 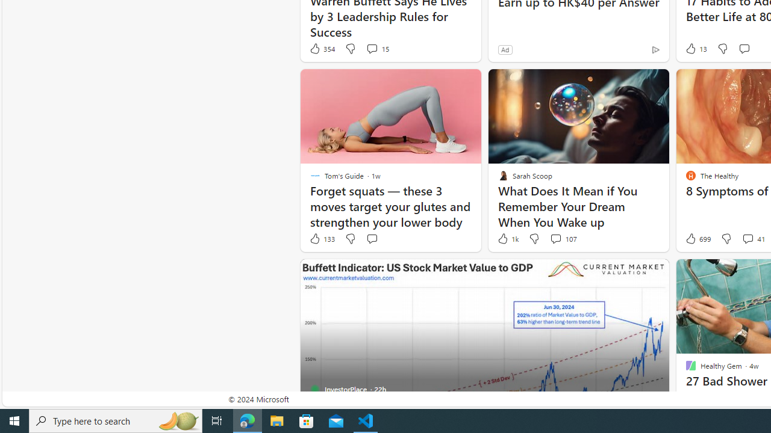 I want to click on 'Hide this story', so click(x=632, y=274).